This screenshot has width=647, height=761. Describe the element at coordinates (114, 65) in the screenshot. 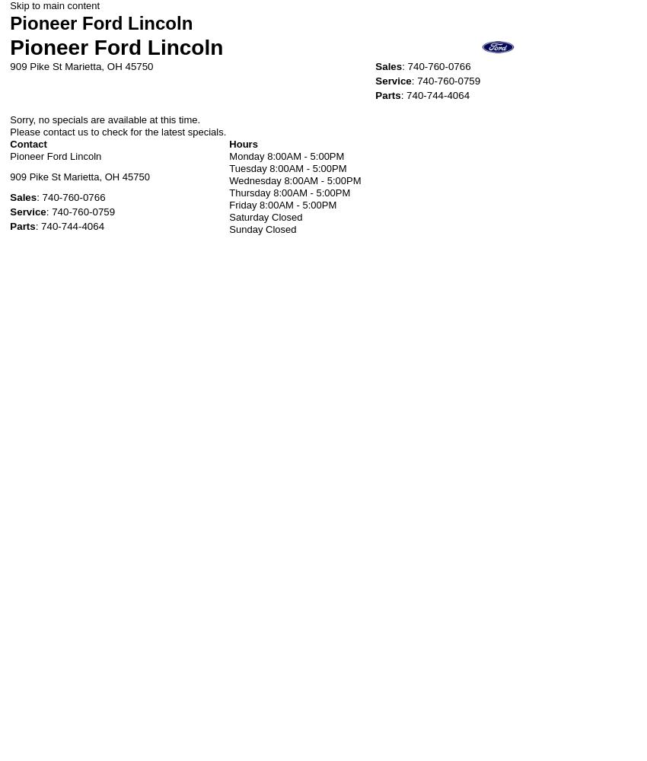

I see `'OH'` at that location.